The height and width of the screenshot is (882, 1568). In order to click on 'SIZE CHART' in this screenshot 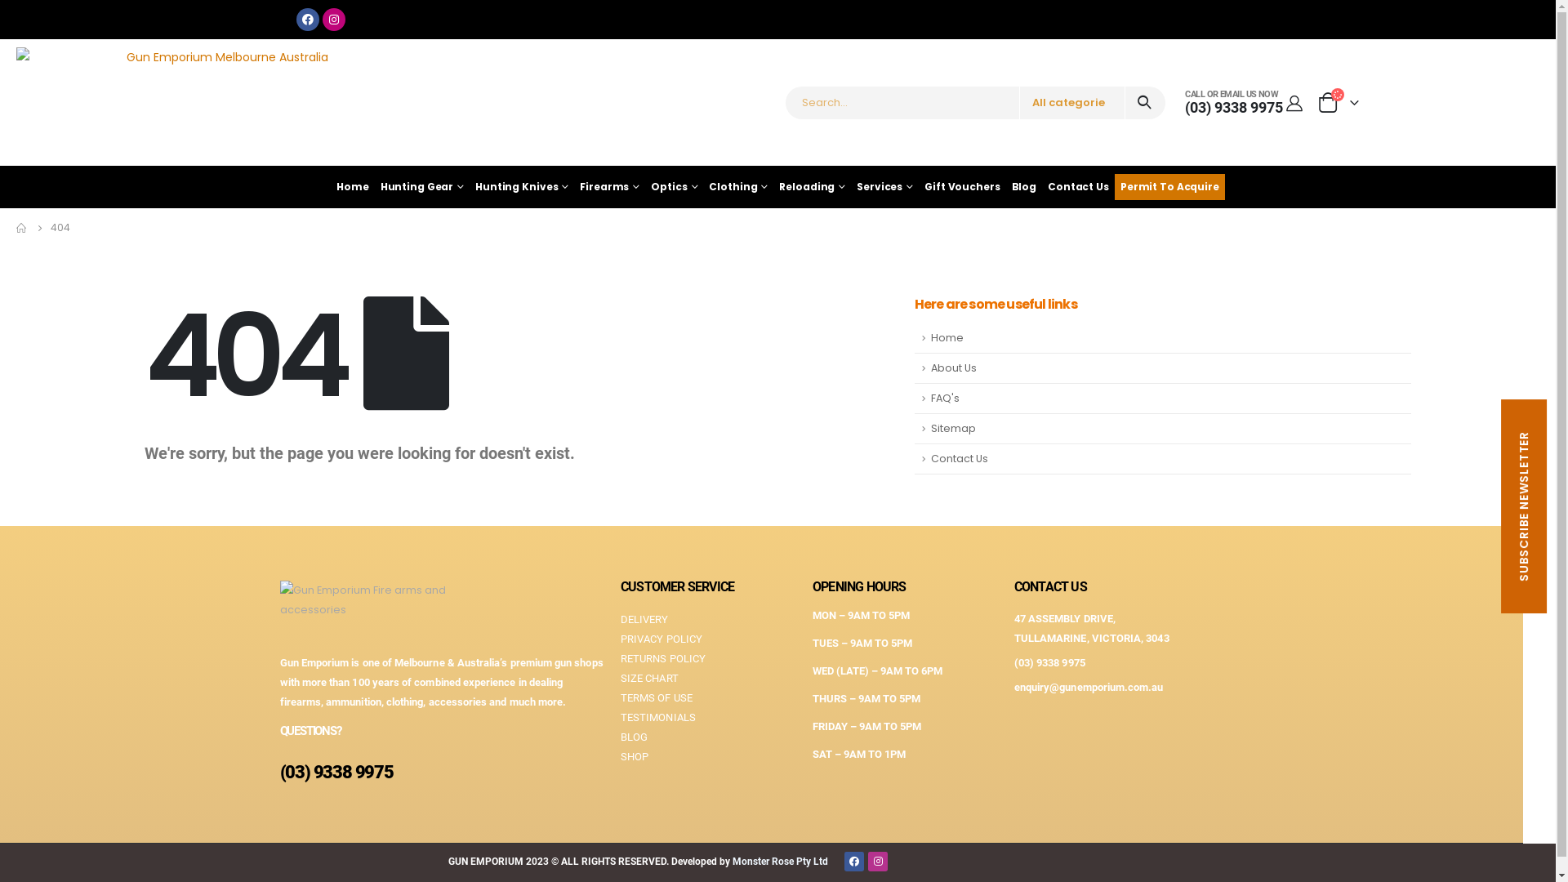, I will do `click(619, 678)`.